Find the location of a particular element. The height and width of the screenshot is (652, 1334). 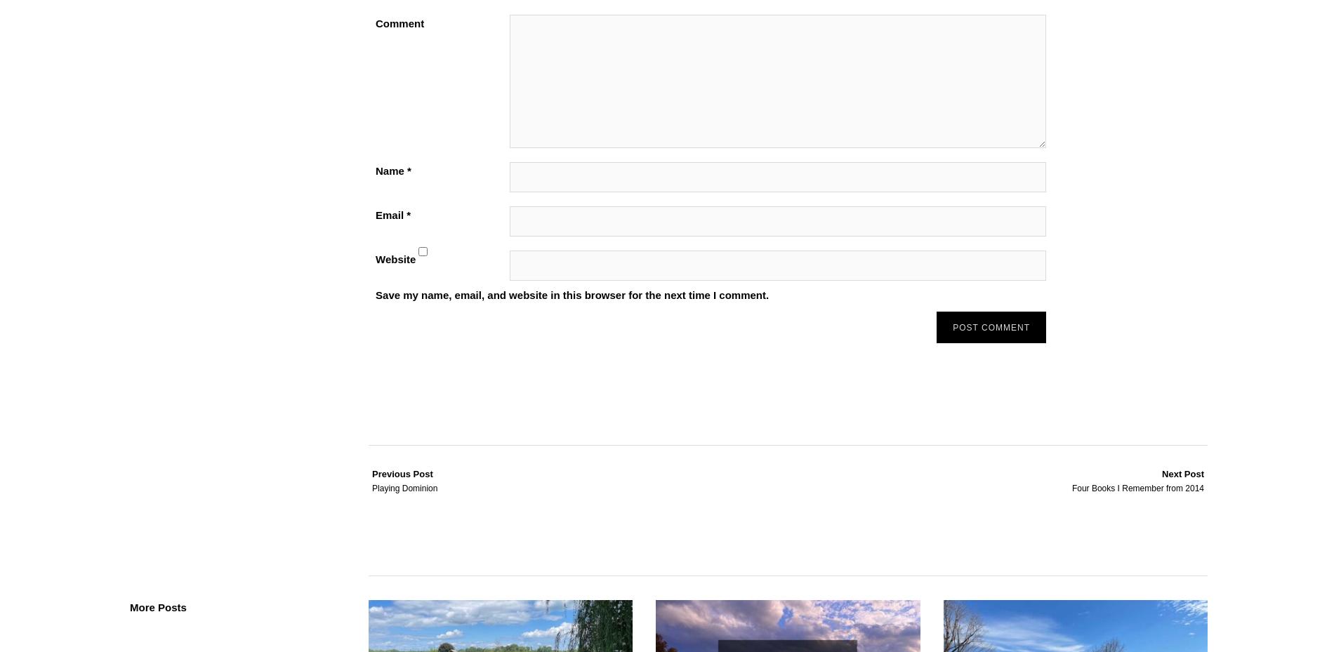

'Playing Dominion' is located at coordinates (404, 488).